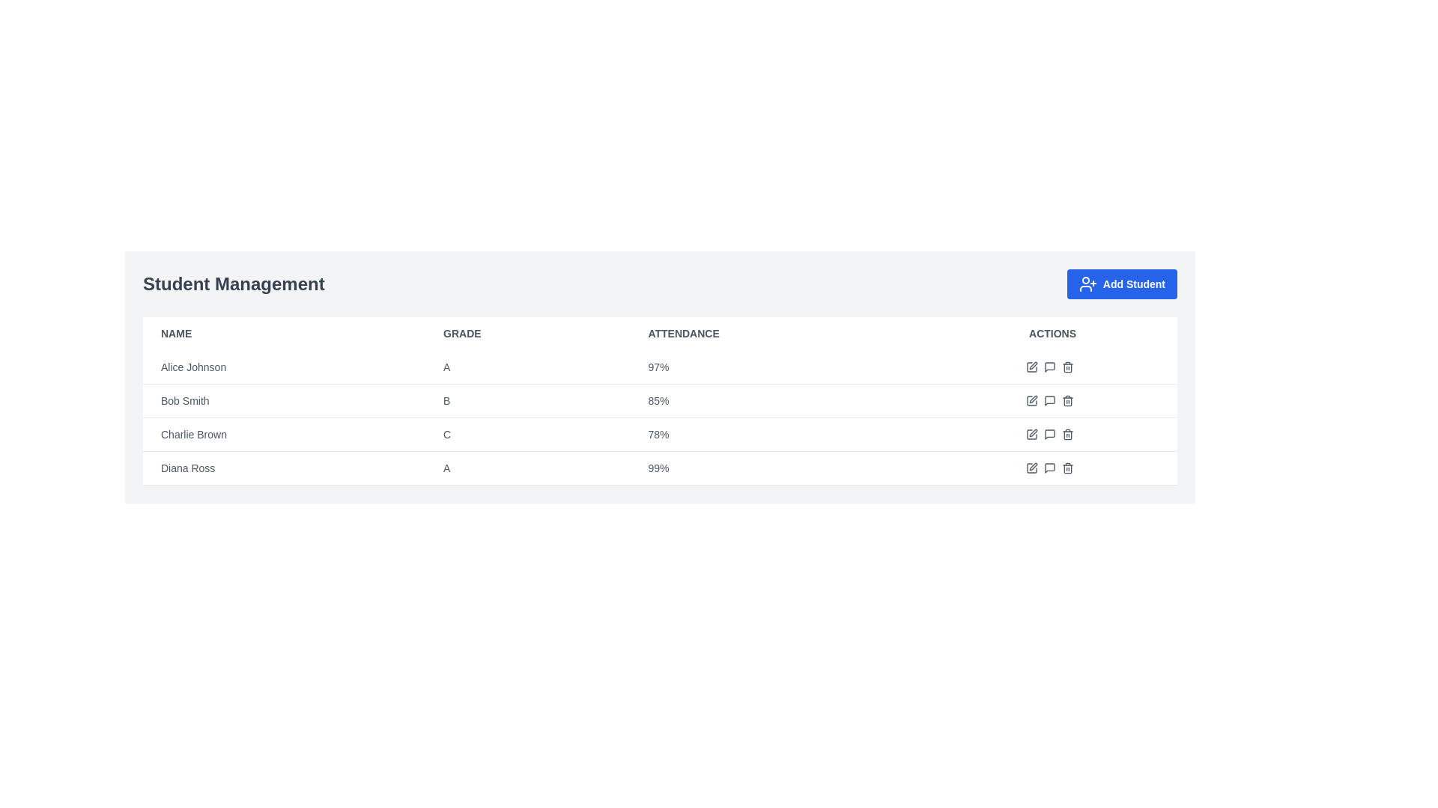 Image resolution: width=1438 pixels, height=808 pixels. I want to click on the delete button represented by a trash bin icon located in the 'Actions' column of the topmost row in the table, so click(1067, 367).